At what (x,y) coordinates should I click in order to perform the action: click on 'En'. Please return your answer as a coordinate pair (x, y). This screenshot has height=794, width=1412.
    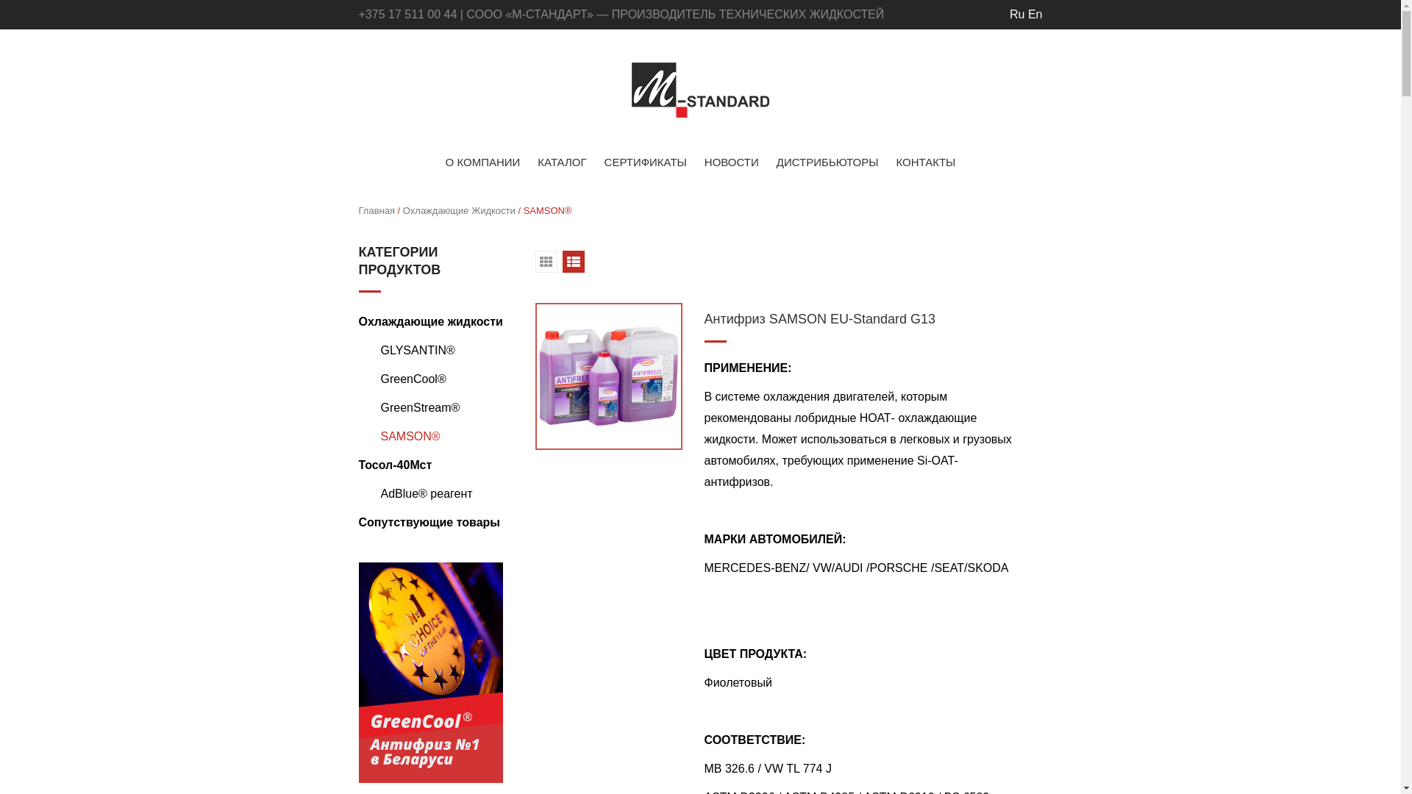
    Looking at the image, I should click on (1034, 14).